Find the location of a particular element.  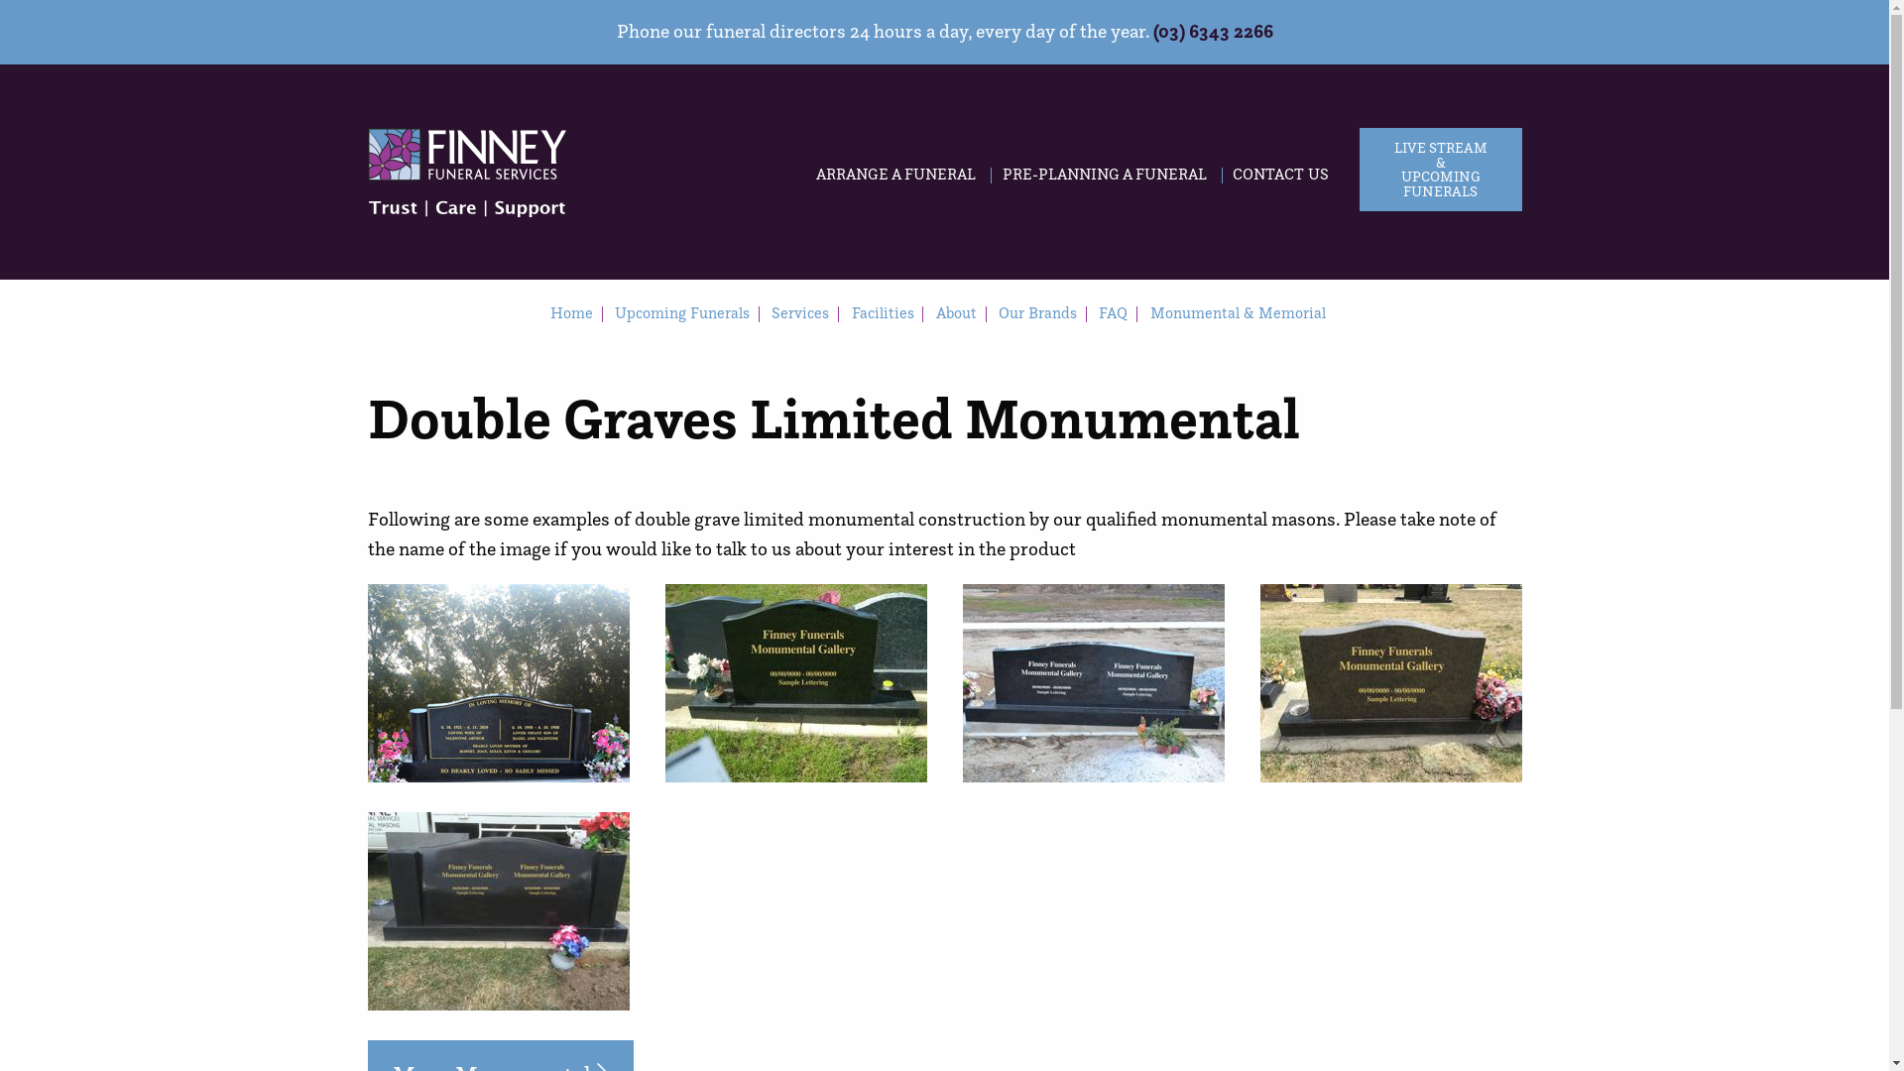

'Our Brands' is located at coordinates (1036, 312).